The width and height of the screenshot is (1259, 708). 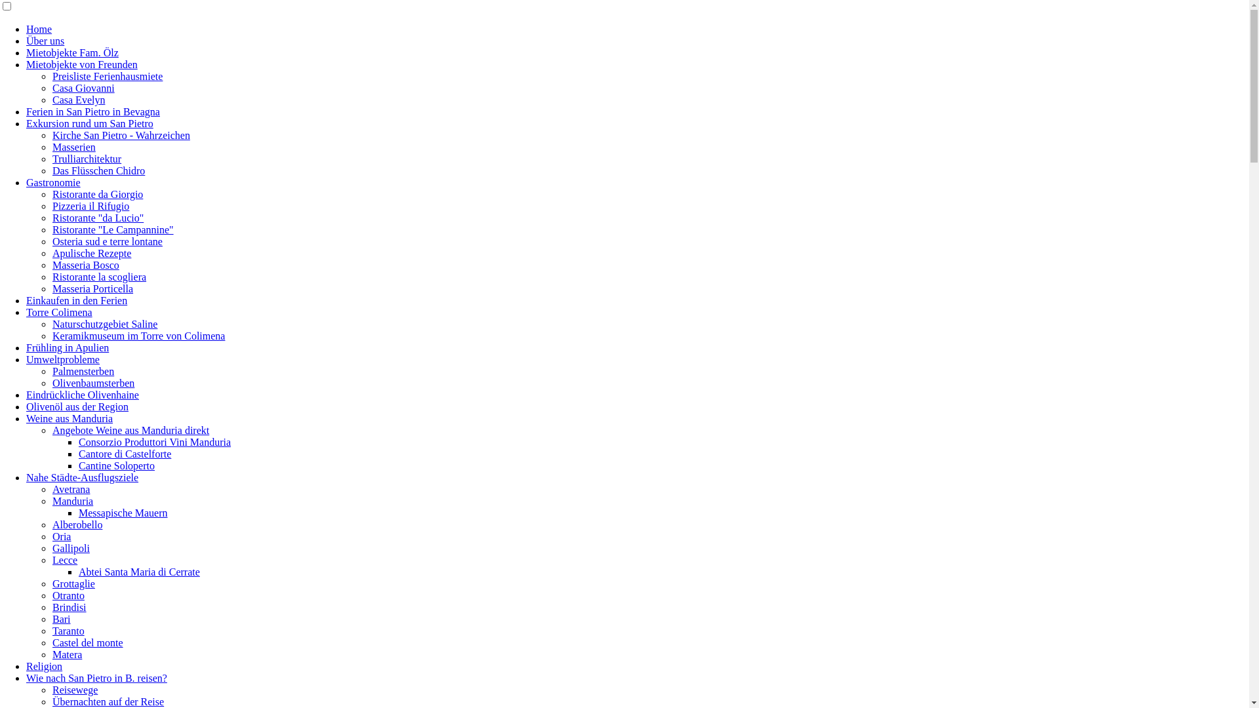 I want to click on 'Wie nach San Pietro in B. reisen?', so click(x=96, y=678).